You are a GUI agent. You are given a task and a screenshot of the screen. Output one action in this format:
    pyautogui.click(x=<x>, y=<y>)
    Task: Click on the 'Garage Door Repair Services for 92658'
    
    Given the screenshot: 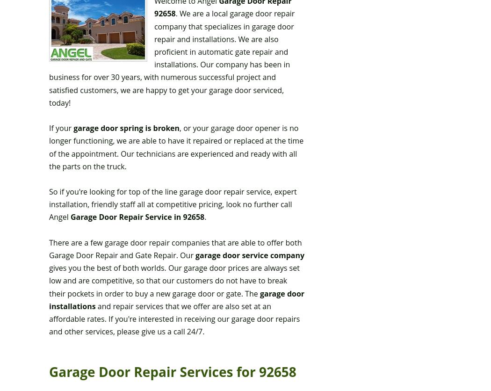 What is the action you would take?
    pyautogui.click(x=172, y=371)
    